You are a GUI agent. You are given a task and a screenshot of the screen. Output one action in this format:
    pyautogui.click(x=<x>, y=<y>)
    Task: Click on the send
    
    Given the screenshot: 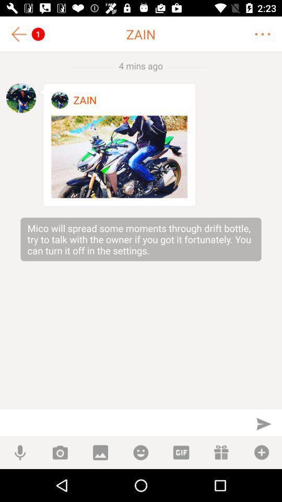 What is the action you would take?
    pyautogui.click(x=263, y=424)
    